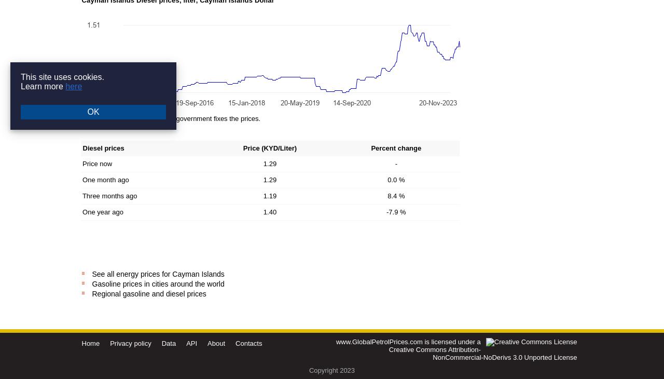 The image size is (664, 379). What do you see at coordinates (395, 148) in the screenshot?
I see `'Percent change'` at bounding box center [395, 148].